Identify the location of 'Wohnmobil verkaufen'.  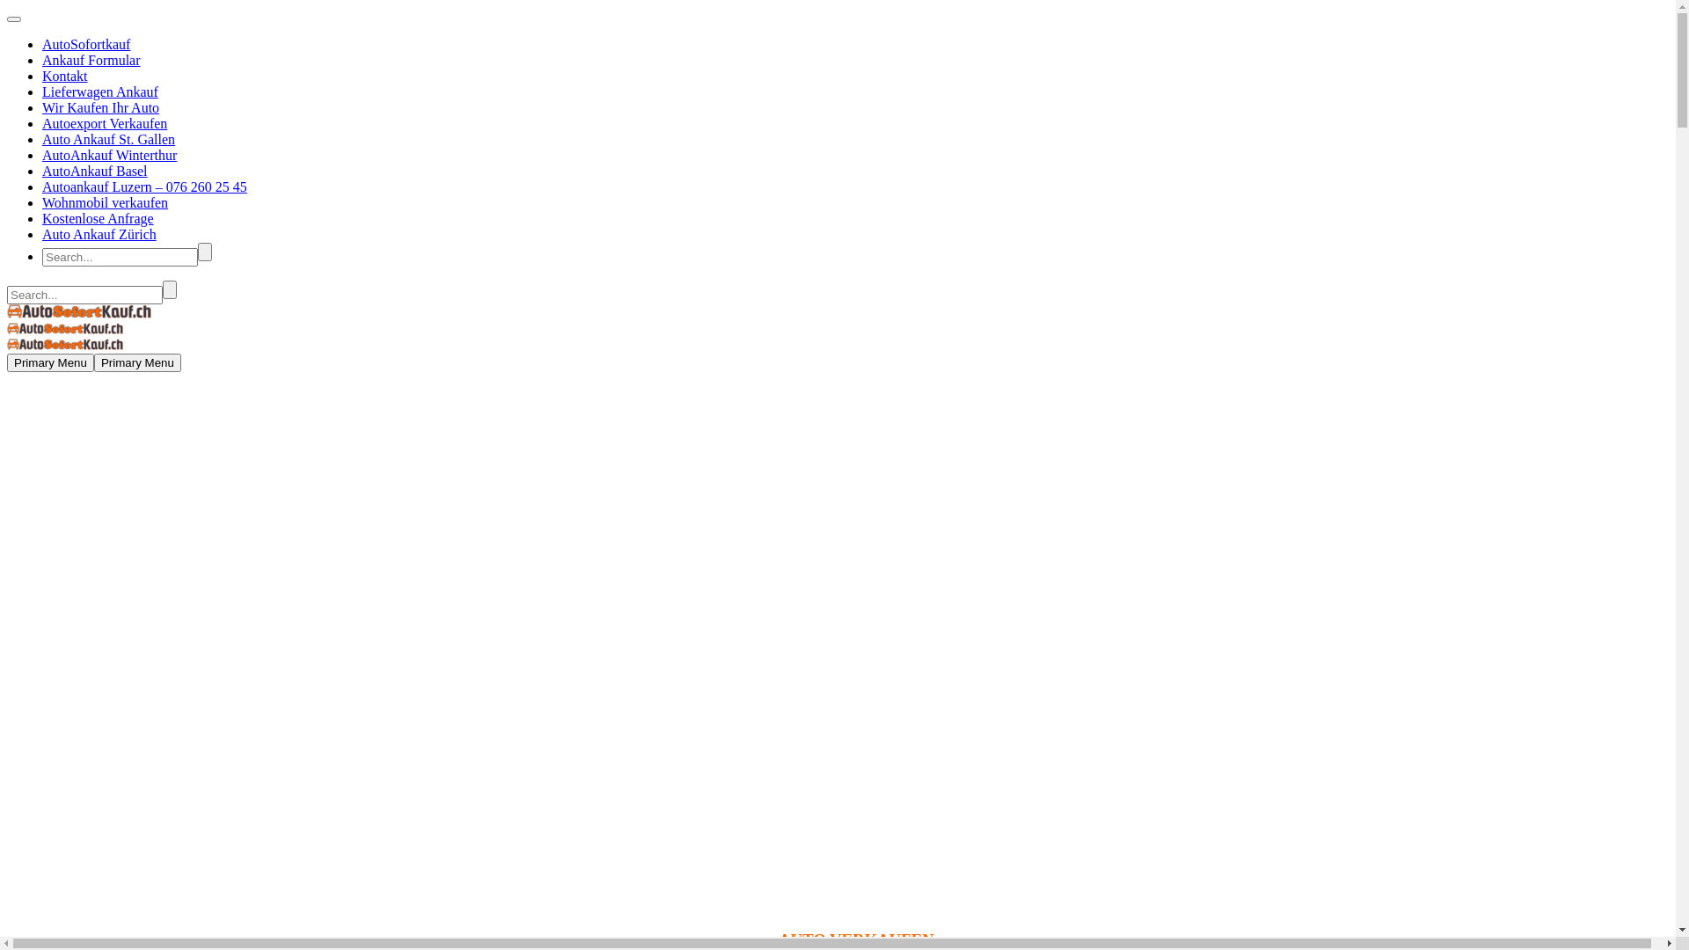
(42, 201).